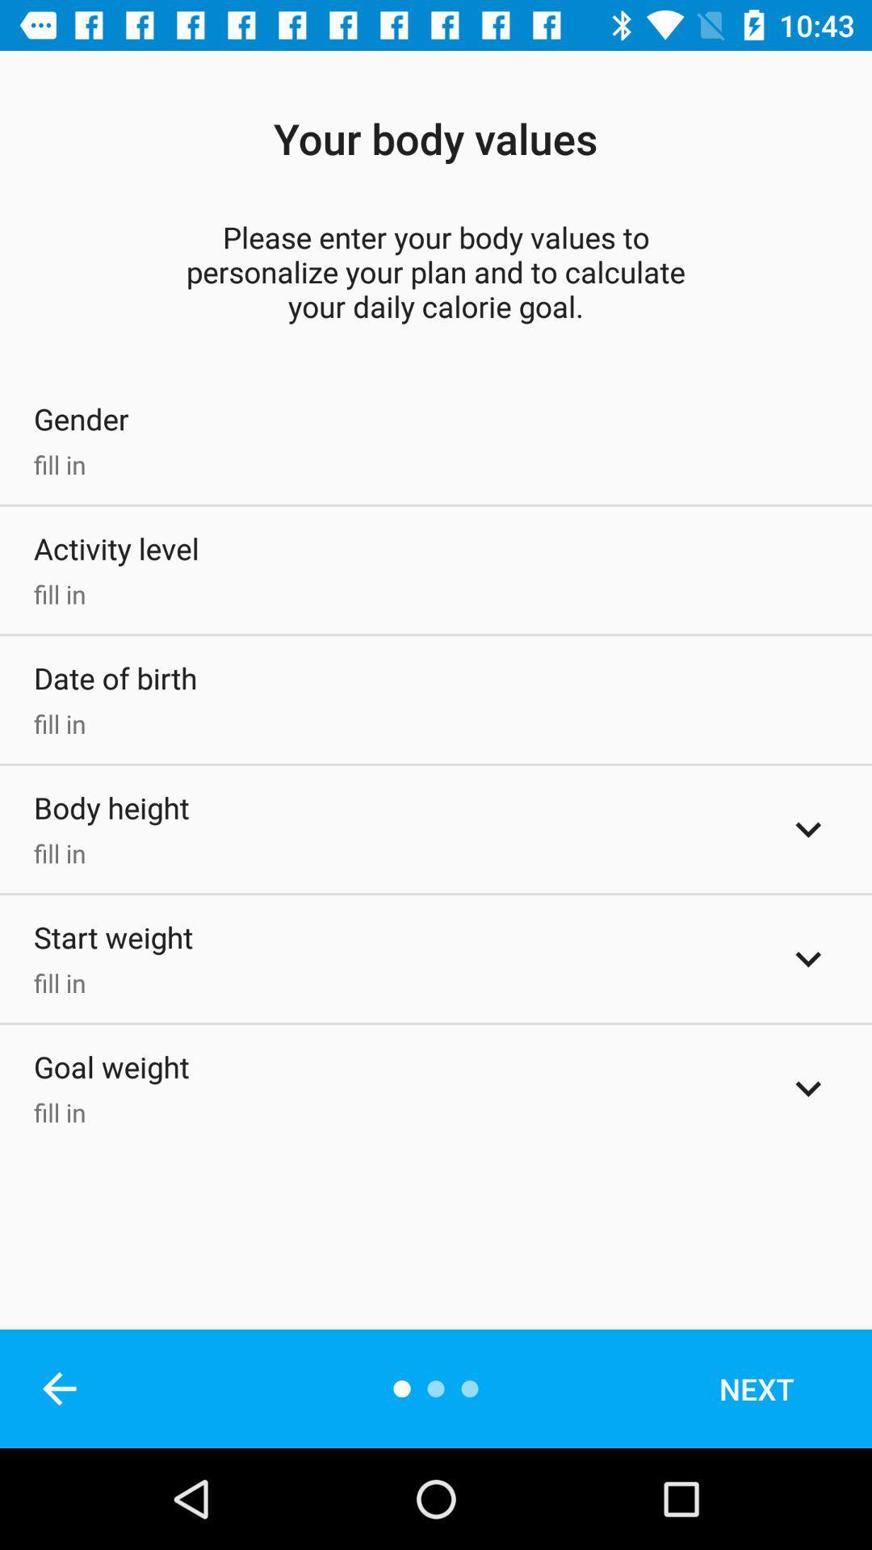 This screenshot has height=1550, width=872. Describe the element at coordinates (808, 959) in the screenshot. I see `down arrow option` at that location.